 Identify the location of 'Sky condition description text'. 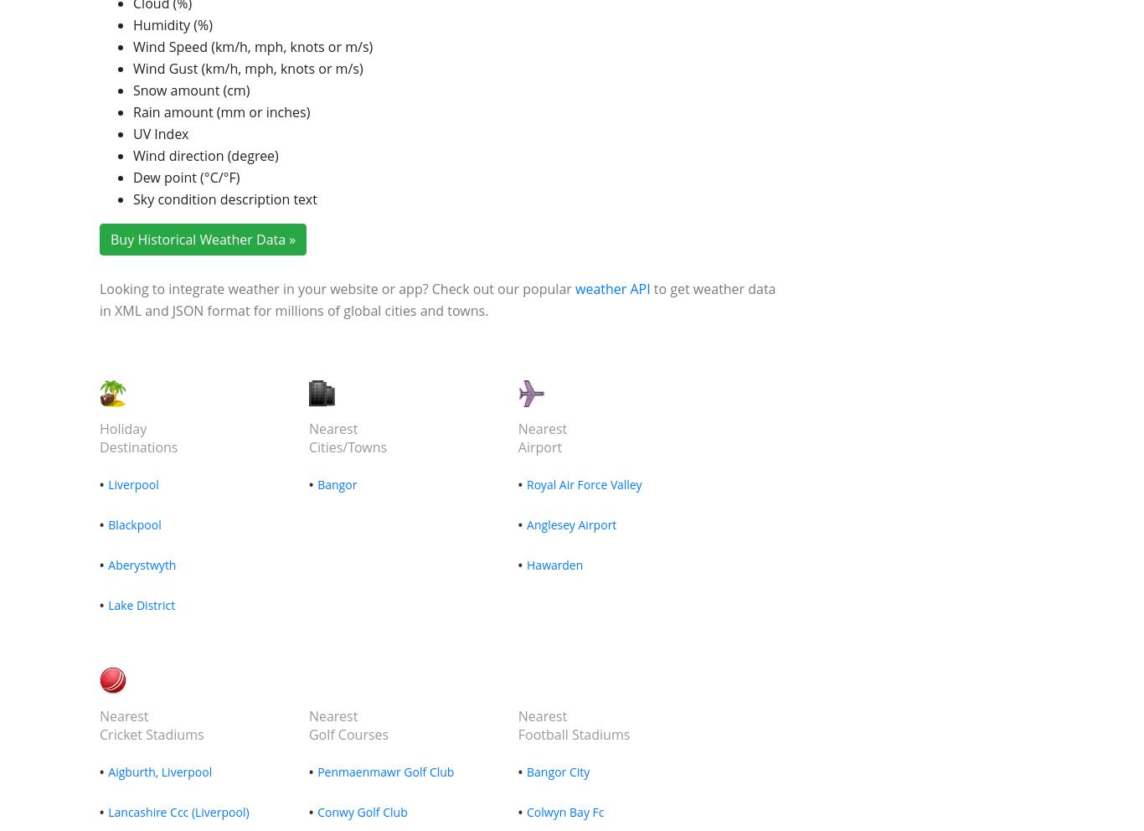
(224, 199).